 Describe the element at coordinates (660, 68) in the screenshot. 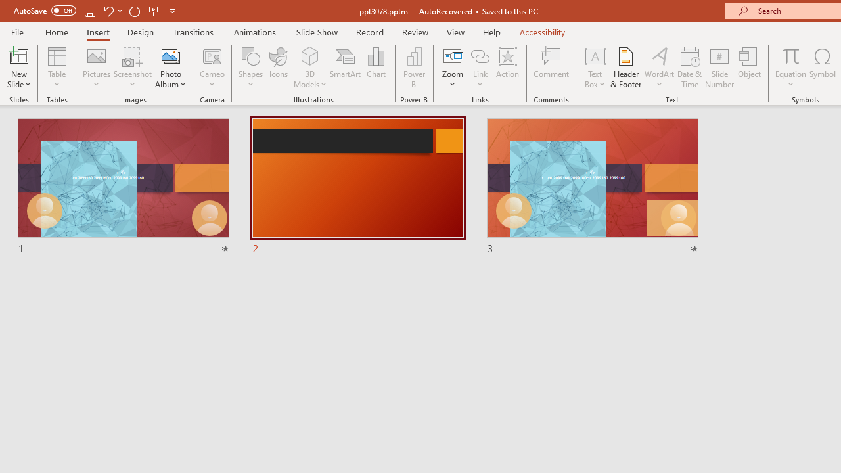

I see `'WordArt'` at that location.